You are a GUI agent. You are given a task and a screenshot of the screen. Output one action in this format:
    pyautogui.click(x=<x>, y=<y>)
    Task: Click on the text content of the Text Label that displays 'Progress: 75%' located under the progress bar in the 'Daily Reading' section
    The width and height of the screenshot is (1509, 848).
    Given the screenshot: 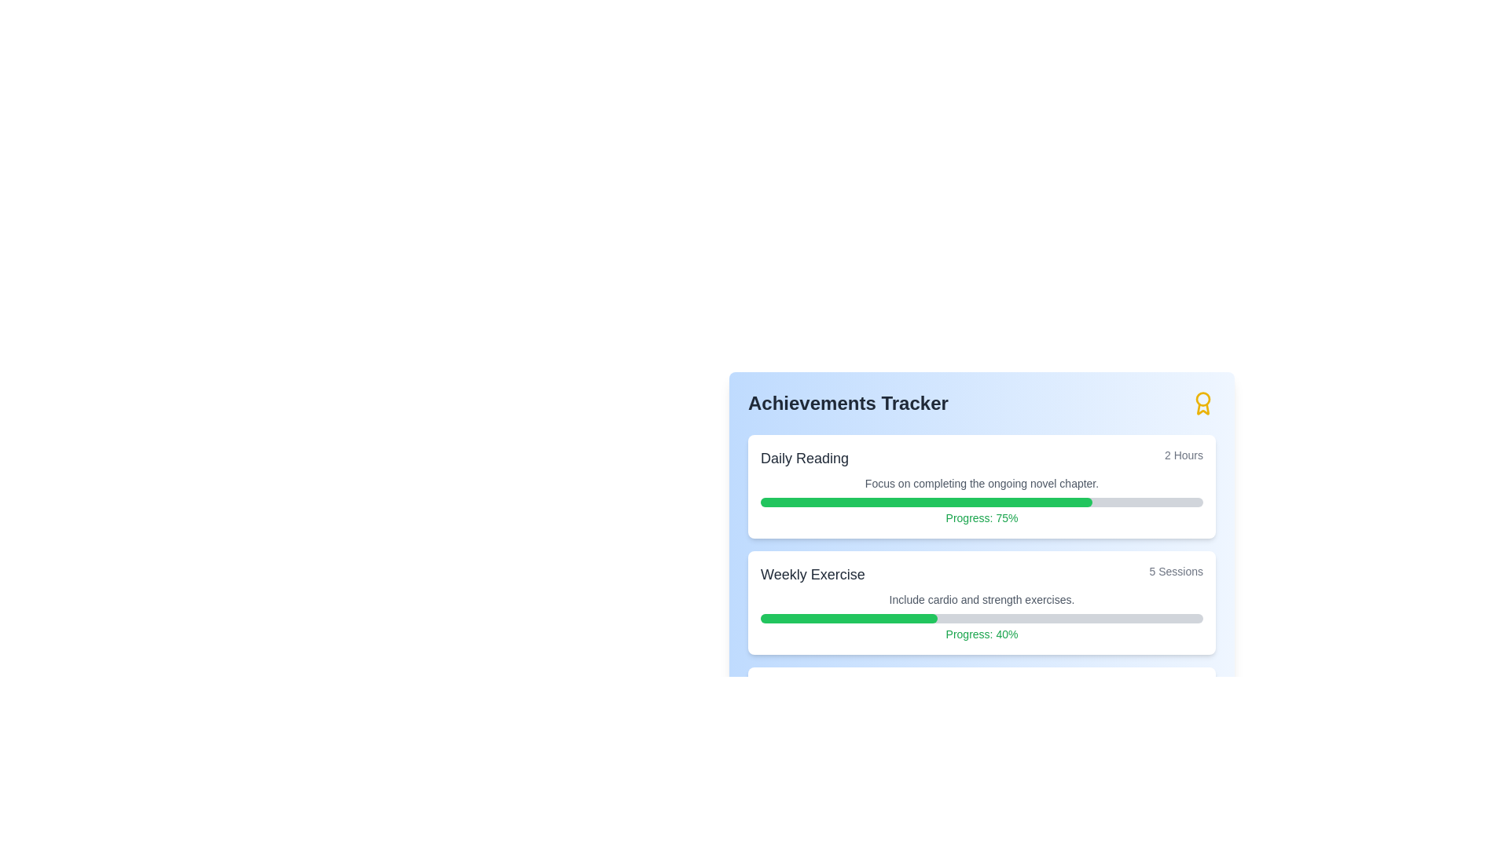 What is the action you would take?
    pyautogui.click(x=981, y=517)
    